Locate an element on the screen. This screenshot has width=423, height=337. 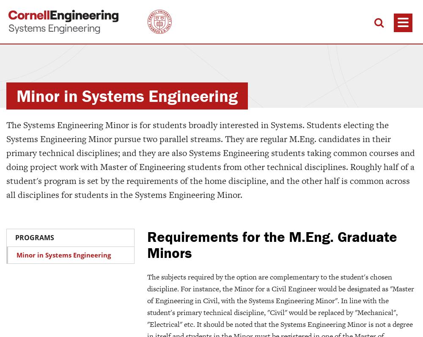
'Events' is located at coordinates (338, 293).